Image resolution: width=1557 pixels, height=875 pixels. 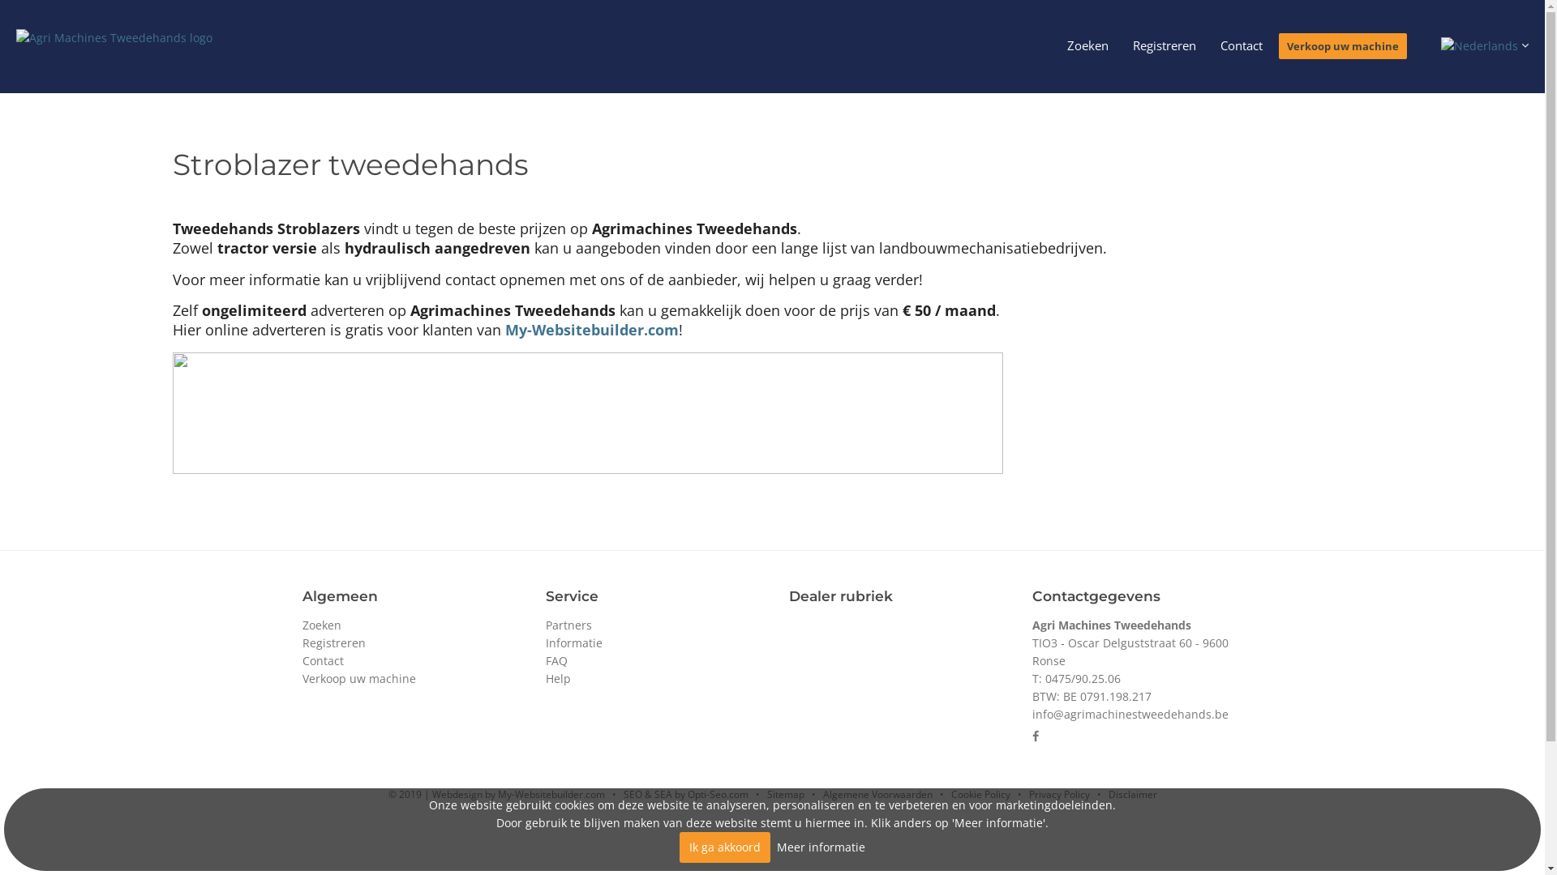 What do you see at coordinates (573, 642) in the screenshot?
I see `'Informatie'` at bounding box center [573, 642].